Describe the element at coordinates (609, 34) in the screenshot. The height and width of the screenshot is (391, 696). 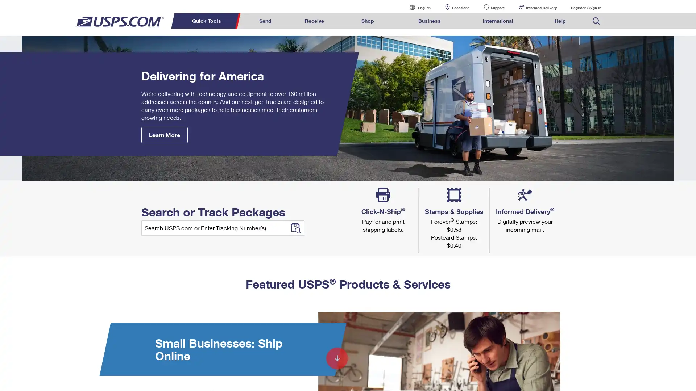
I see `Search` at that location.